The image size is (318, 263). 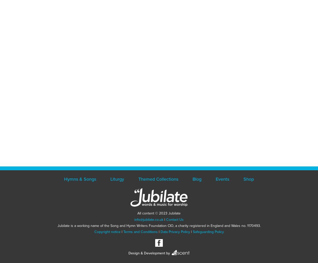 I want to click on 'Themed Collections', so click(x=158, y=179).